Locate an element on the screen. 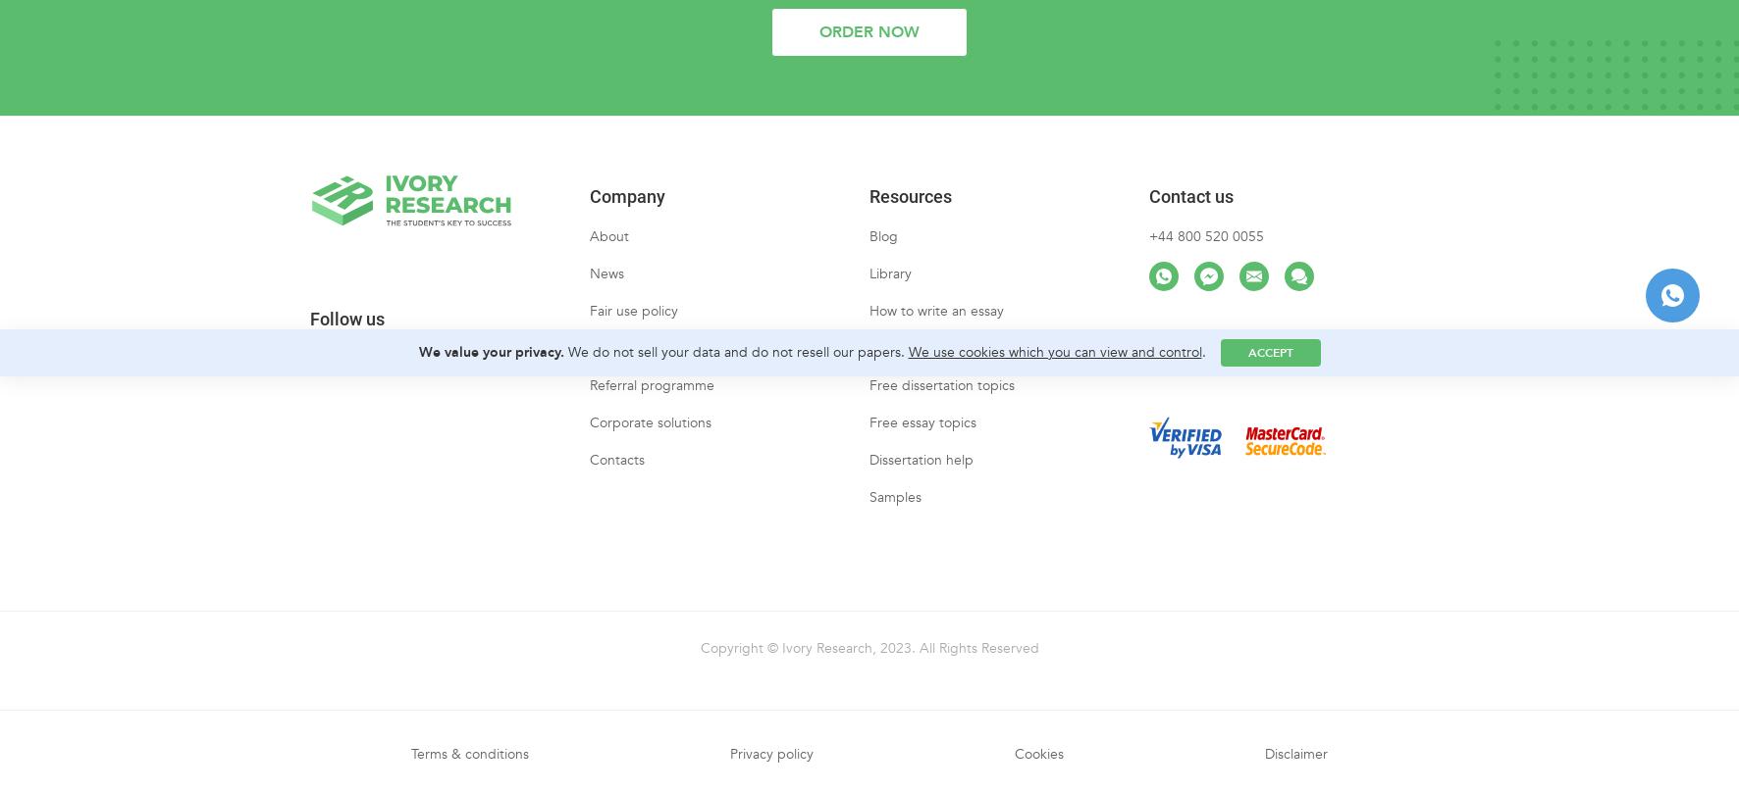 Image resolution: width=1739 pixels, height=792 pixels. 'Follow us' is located at coordinates (308, 335).